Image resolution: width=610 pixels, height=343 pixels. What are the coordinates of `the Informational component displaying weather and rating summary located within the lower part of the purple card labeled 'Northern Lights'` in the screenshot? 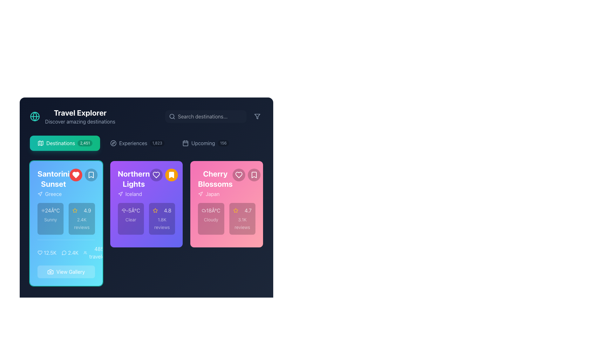 It's located at (146, 219).